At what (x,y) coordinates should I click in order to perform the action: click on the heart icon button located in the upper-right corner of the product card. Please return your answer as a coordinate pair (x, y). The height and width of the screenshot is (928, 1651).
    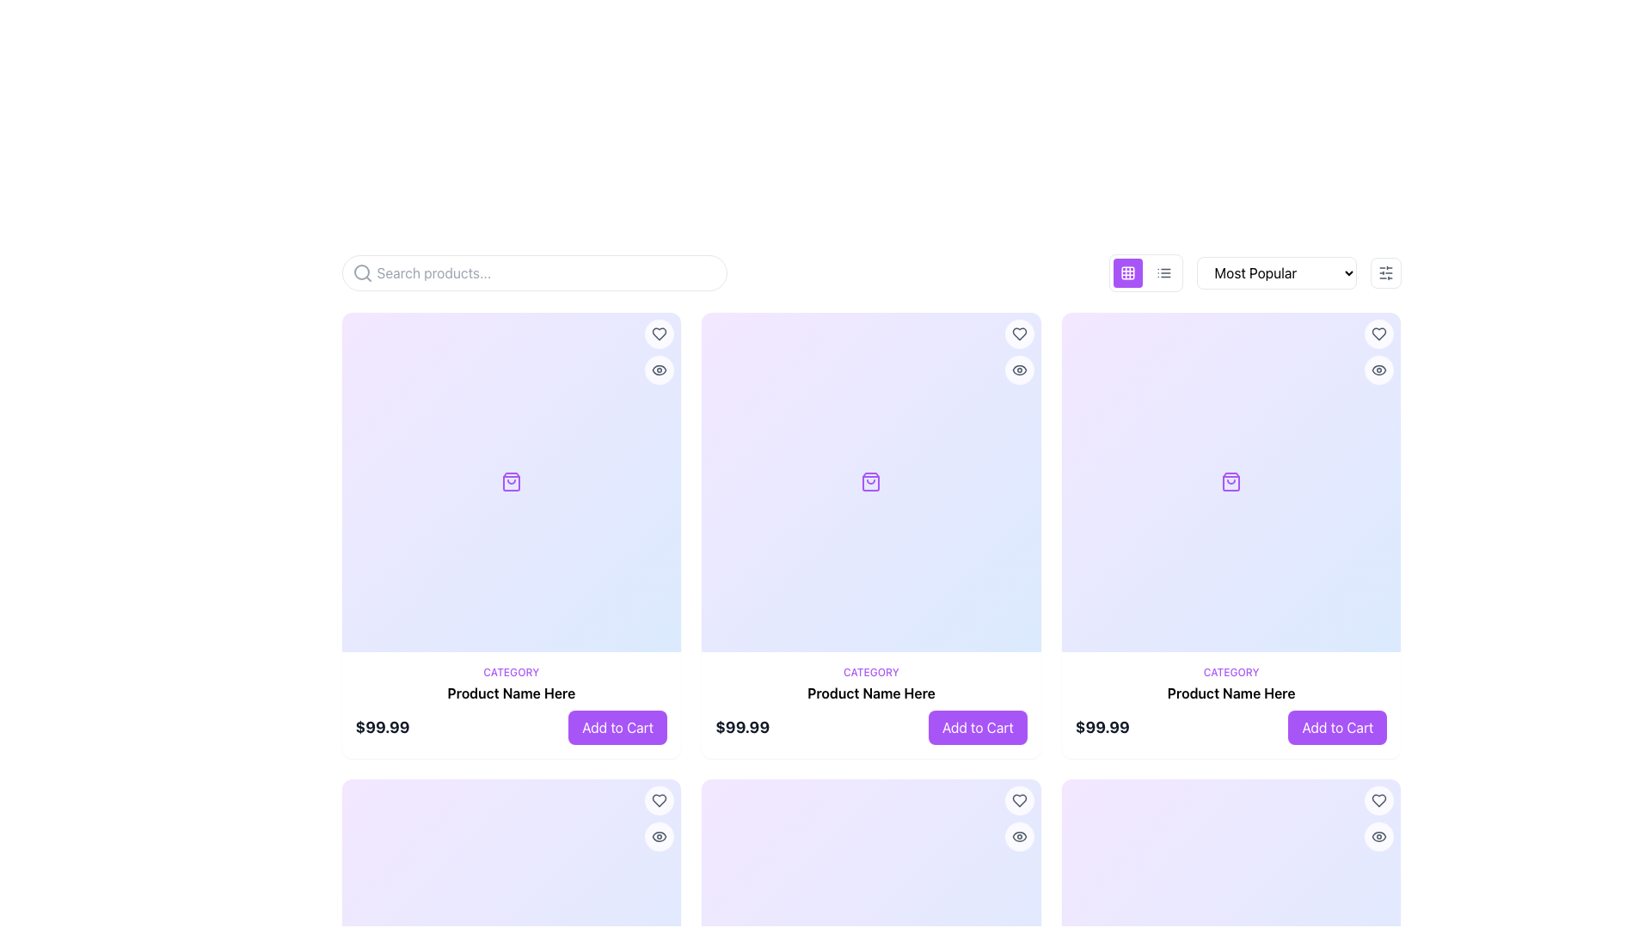
    Looking at the image, I should click on (1019, 800).